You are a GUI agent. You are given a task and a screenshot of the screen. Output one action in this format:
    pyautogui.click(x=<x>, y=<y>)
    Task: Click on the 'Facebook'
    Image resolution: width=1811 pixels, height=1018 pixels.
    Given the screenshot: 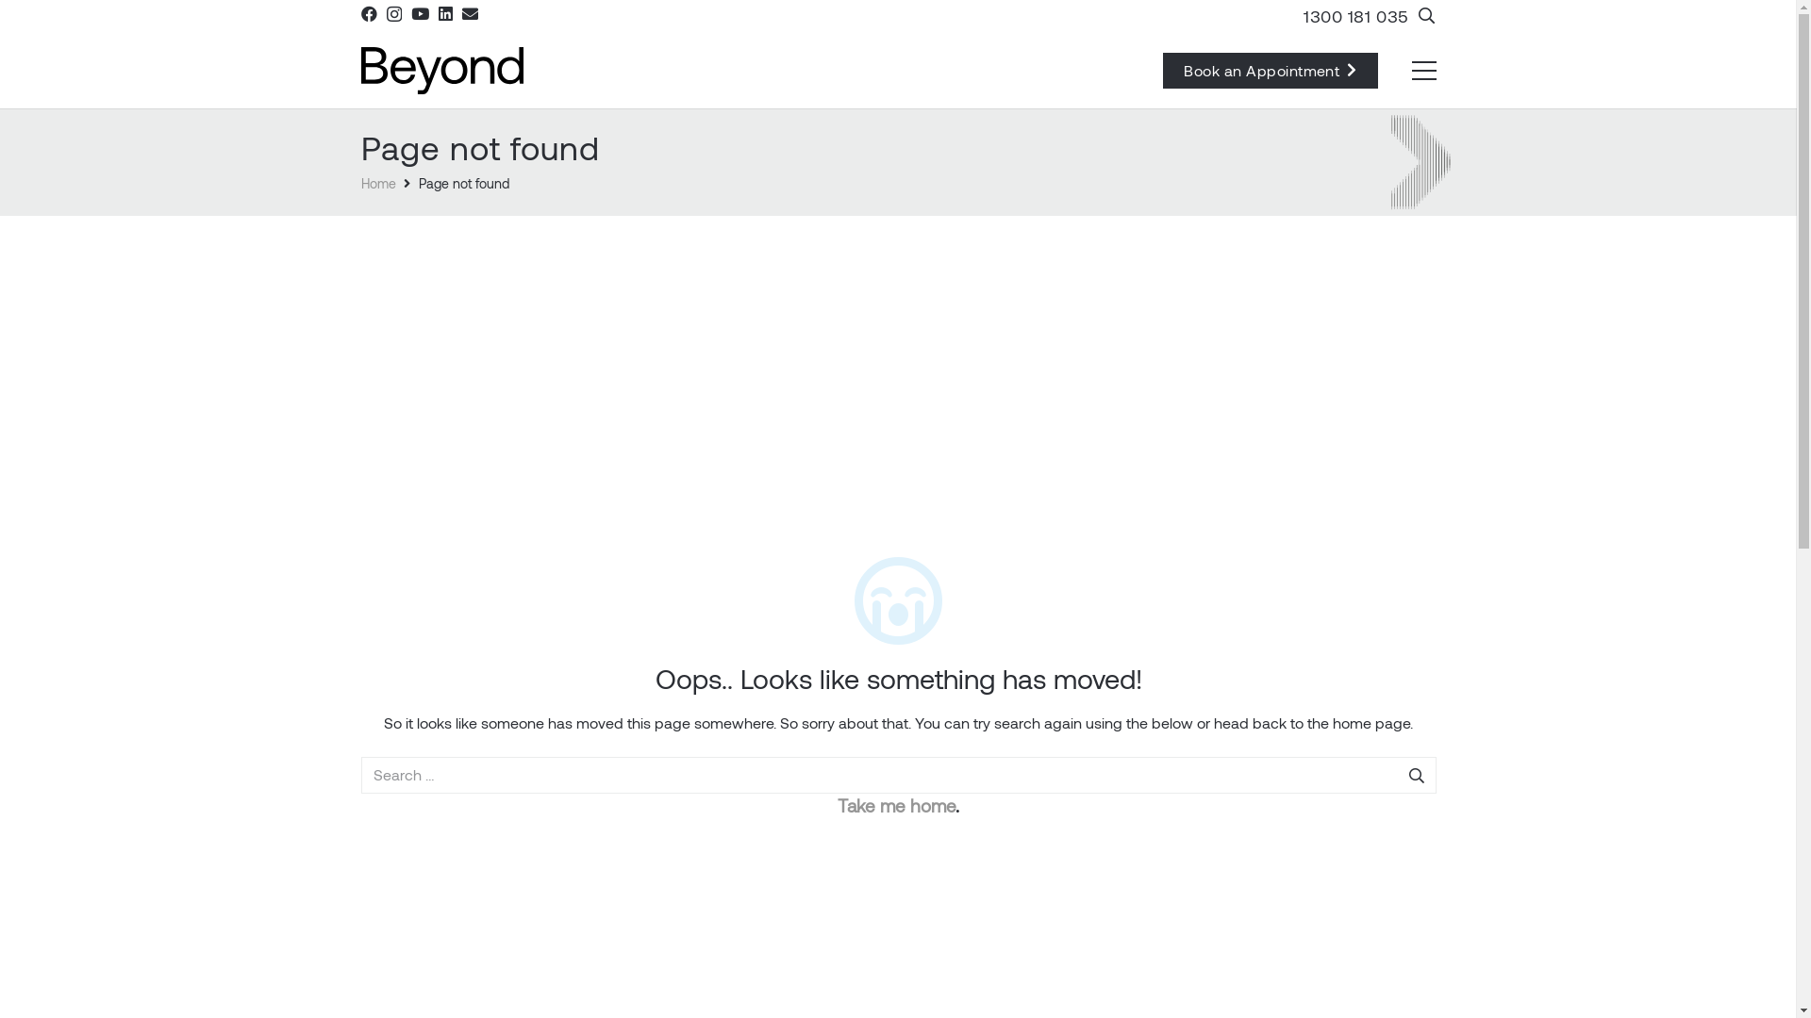 What is the action you would take?
    pyautogui.click(x=368, y=13)
    